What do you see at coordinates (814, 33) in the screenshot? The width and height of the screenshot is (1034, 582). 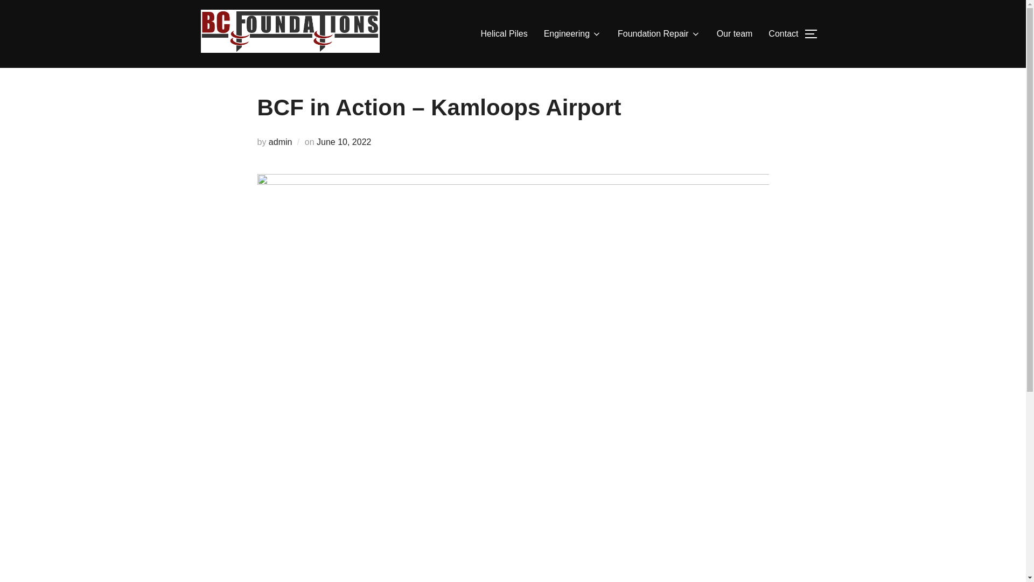 I see `'TOGGLE SIDEBAR & NAVIGATION'` at bounding box center [814, 33].